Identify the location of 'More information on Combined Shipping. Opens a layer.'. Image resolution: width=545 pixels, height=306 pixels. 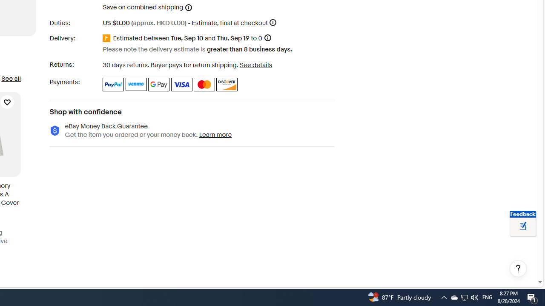
(188, 7).